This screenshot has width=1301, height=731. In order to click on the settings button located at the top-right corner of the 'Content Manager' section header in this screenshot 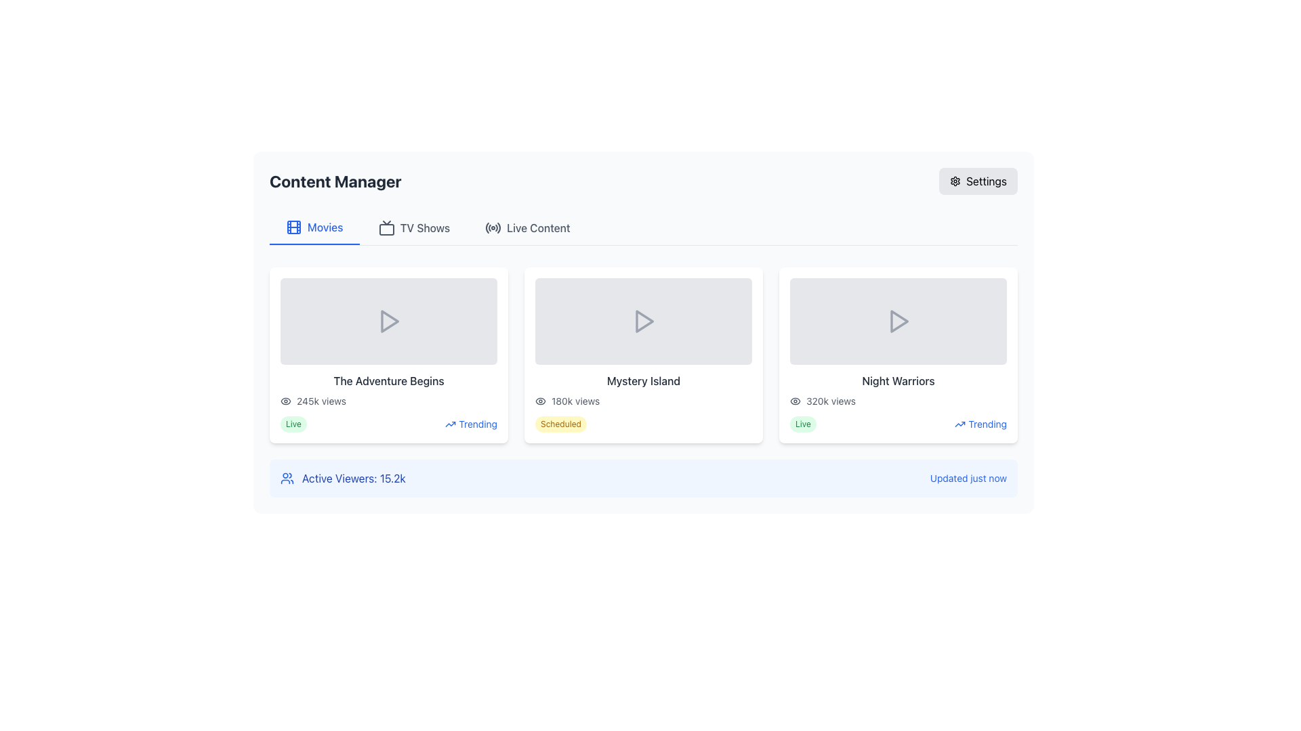, I will do `click(978, 180)`.